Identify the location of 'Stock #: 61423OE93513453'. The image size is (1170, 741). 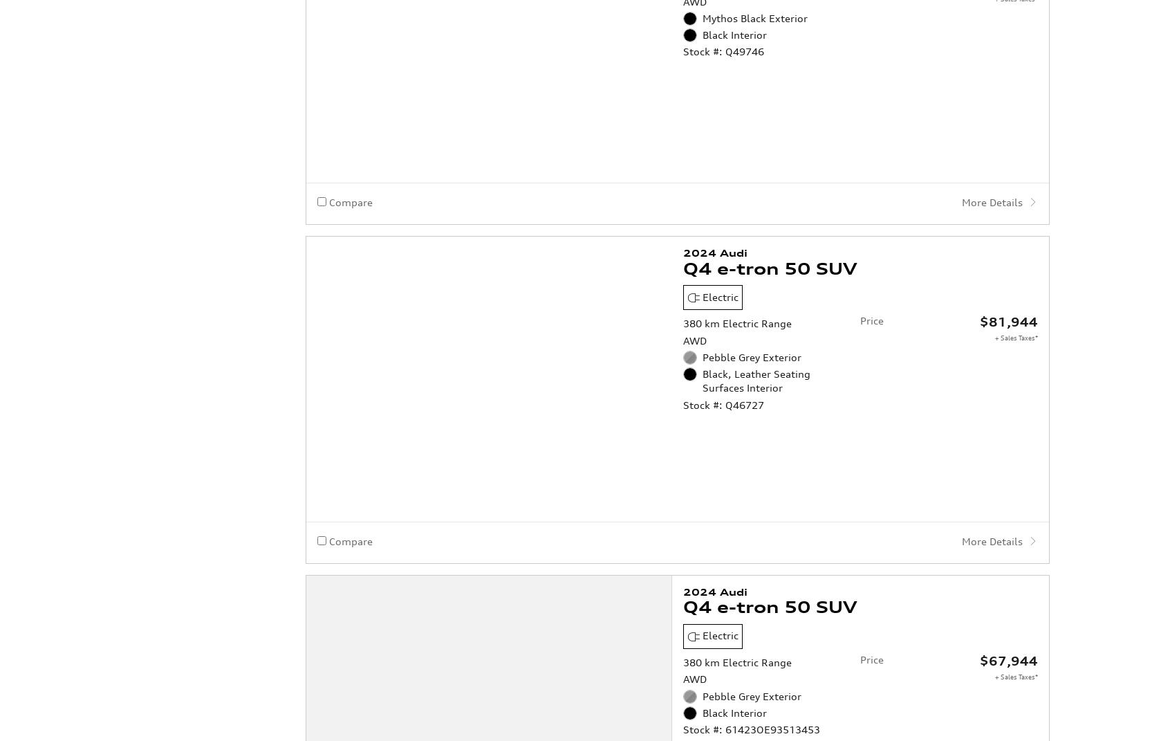
(750, 673).